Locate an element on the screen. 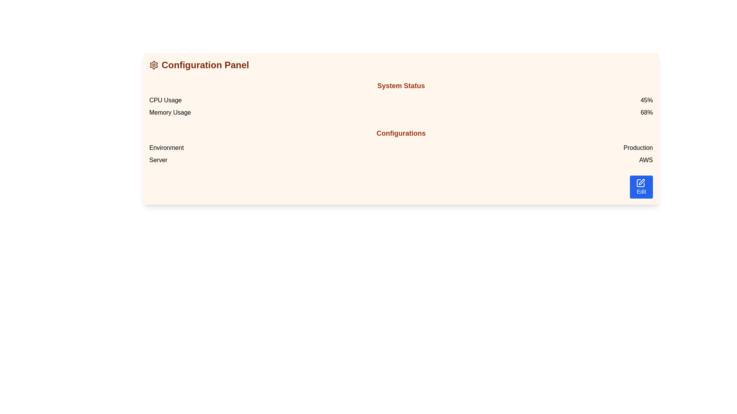 Image resolution: width=737 pixels, height=414 pixels. the text label displaying 'AWS' in bold black uppercase letters at the bottom right of the configuration panel is located at coordinates (646, 159).